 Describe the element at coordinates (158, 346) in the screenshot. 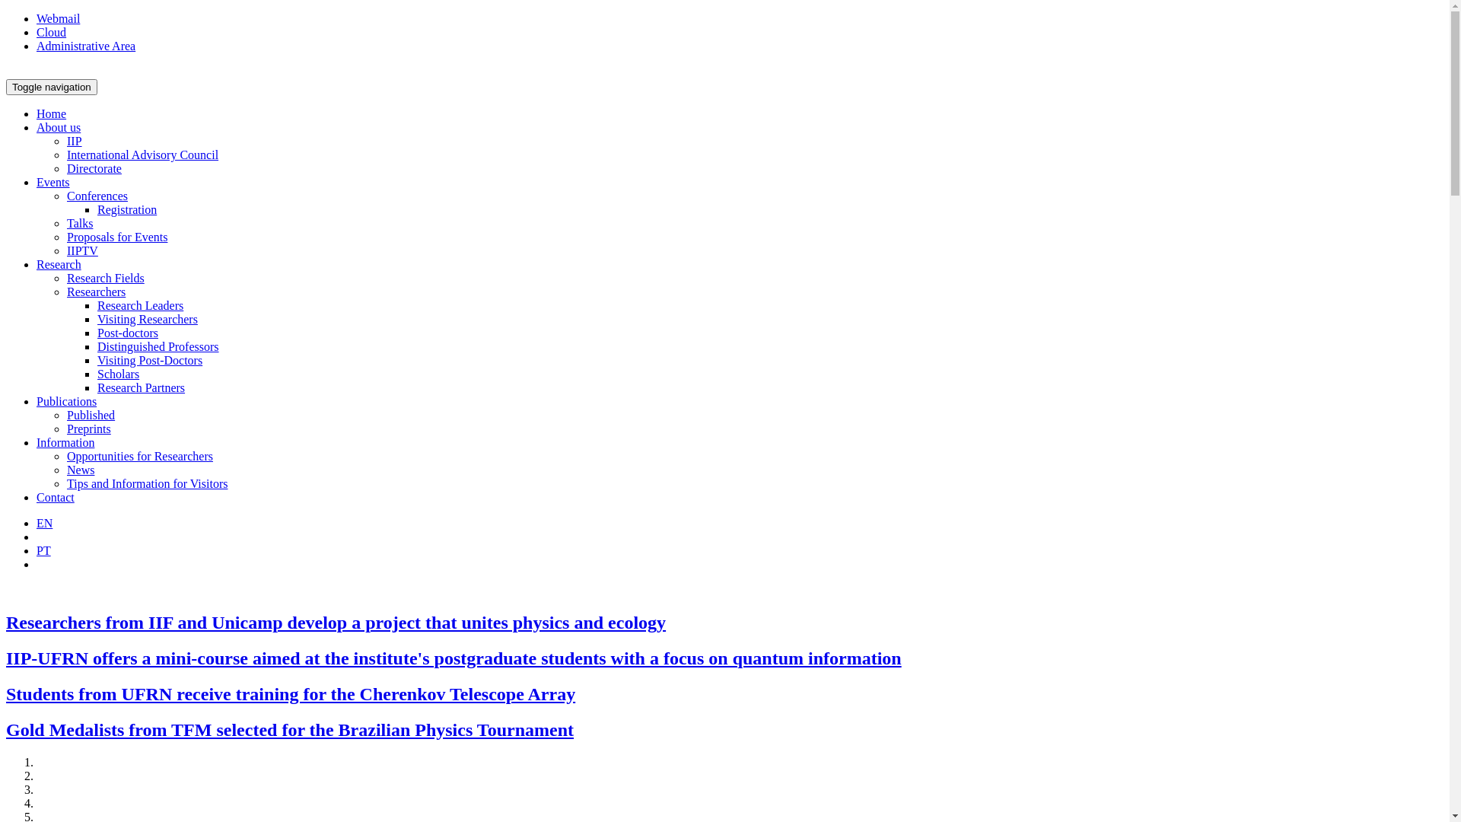

I see `'Distinguished Professors'` at that location.